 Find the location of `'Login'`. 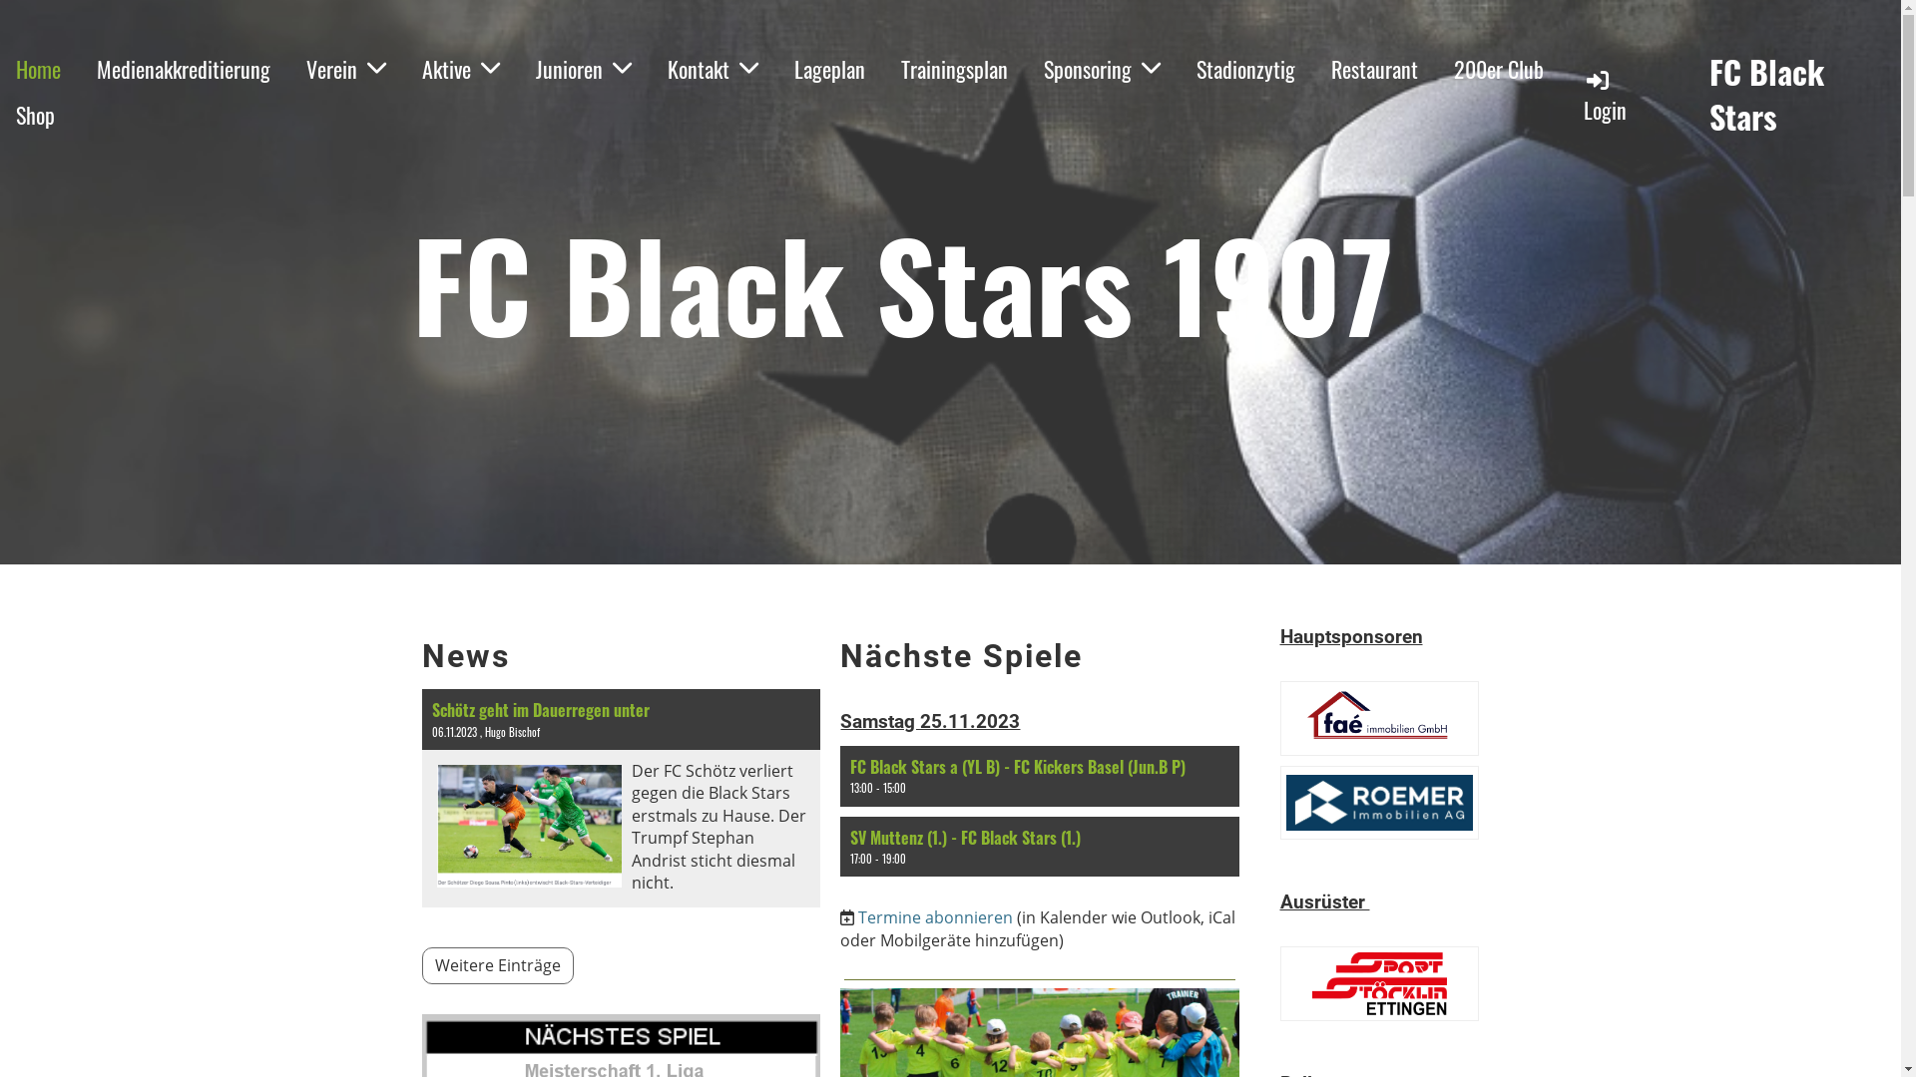

'Login' is located at coordinates (1605, 94).